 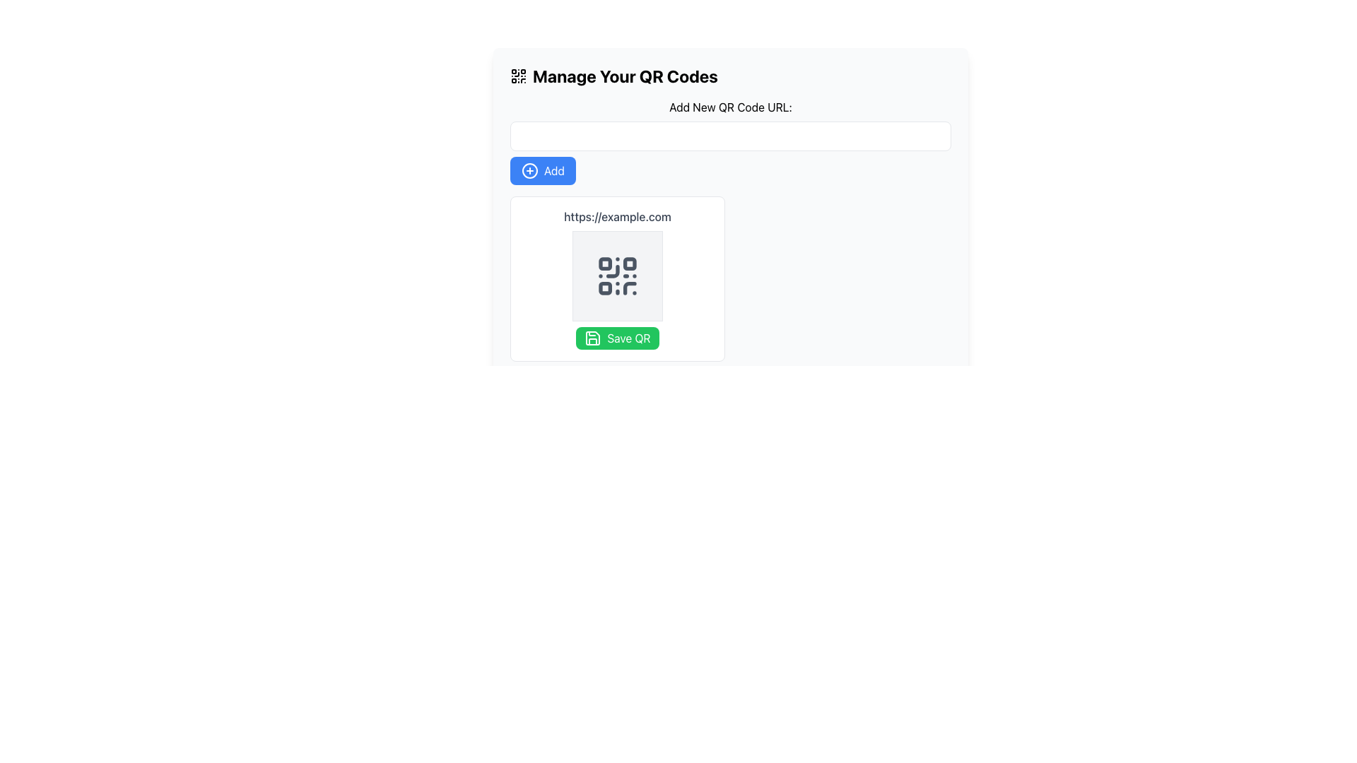 I want to click on the green 'Save QR' button, so click(x=617, y=338).